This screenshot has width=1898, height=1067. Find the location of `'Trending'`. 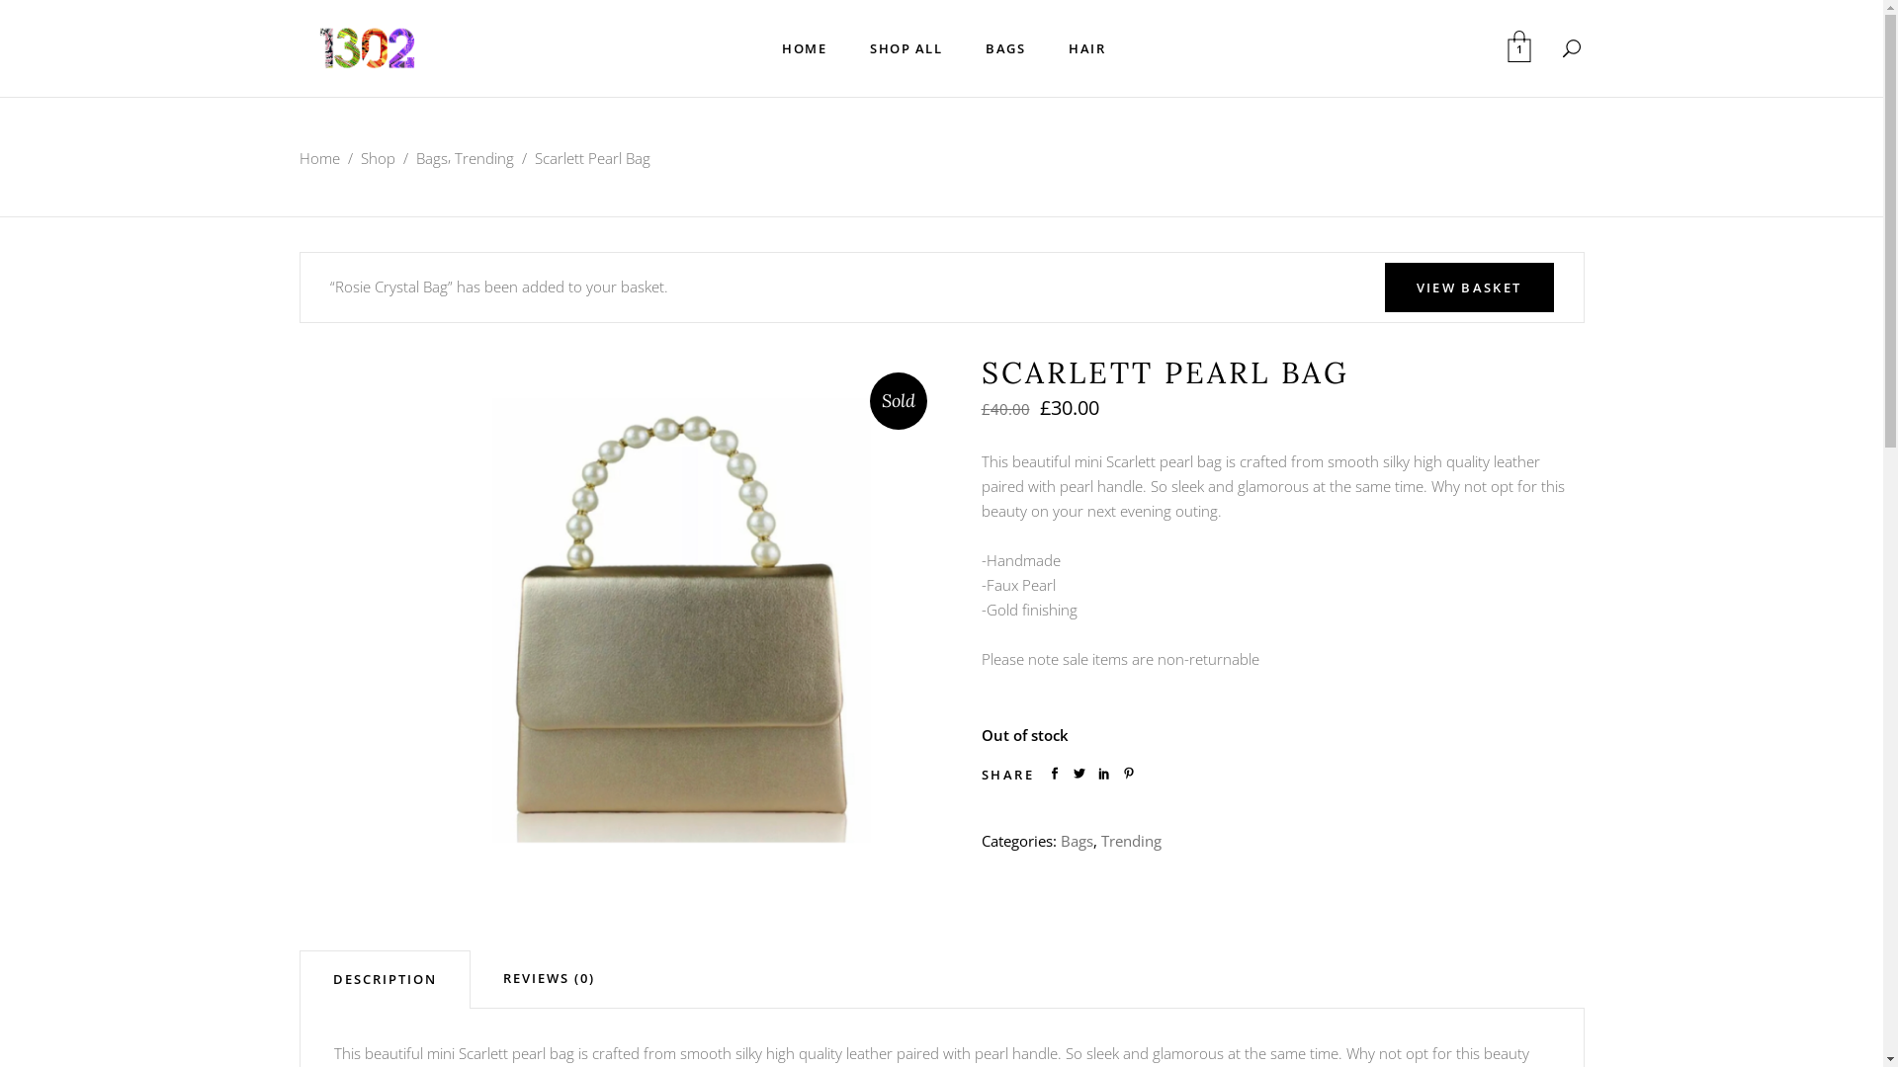

'Trending' is located at coordinates (1099, 841).